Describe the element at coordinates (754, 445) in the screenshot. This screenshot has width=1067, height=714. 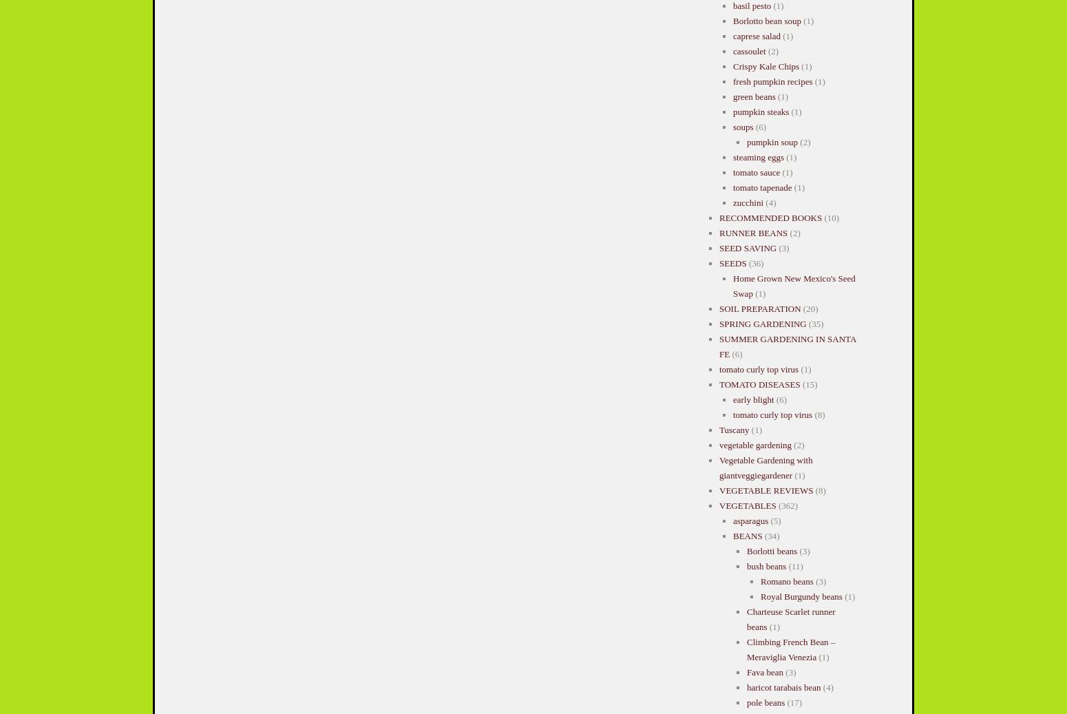
I see `'vegetable gardening'` at that location.